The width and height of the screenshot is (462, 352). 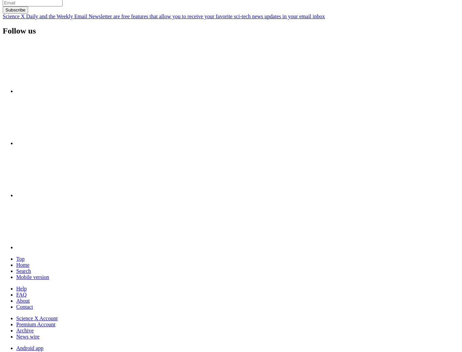 I want to click on 'Search', so click(x=23, y=271).